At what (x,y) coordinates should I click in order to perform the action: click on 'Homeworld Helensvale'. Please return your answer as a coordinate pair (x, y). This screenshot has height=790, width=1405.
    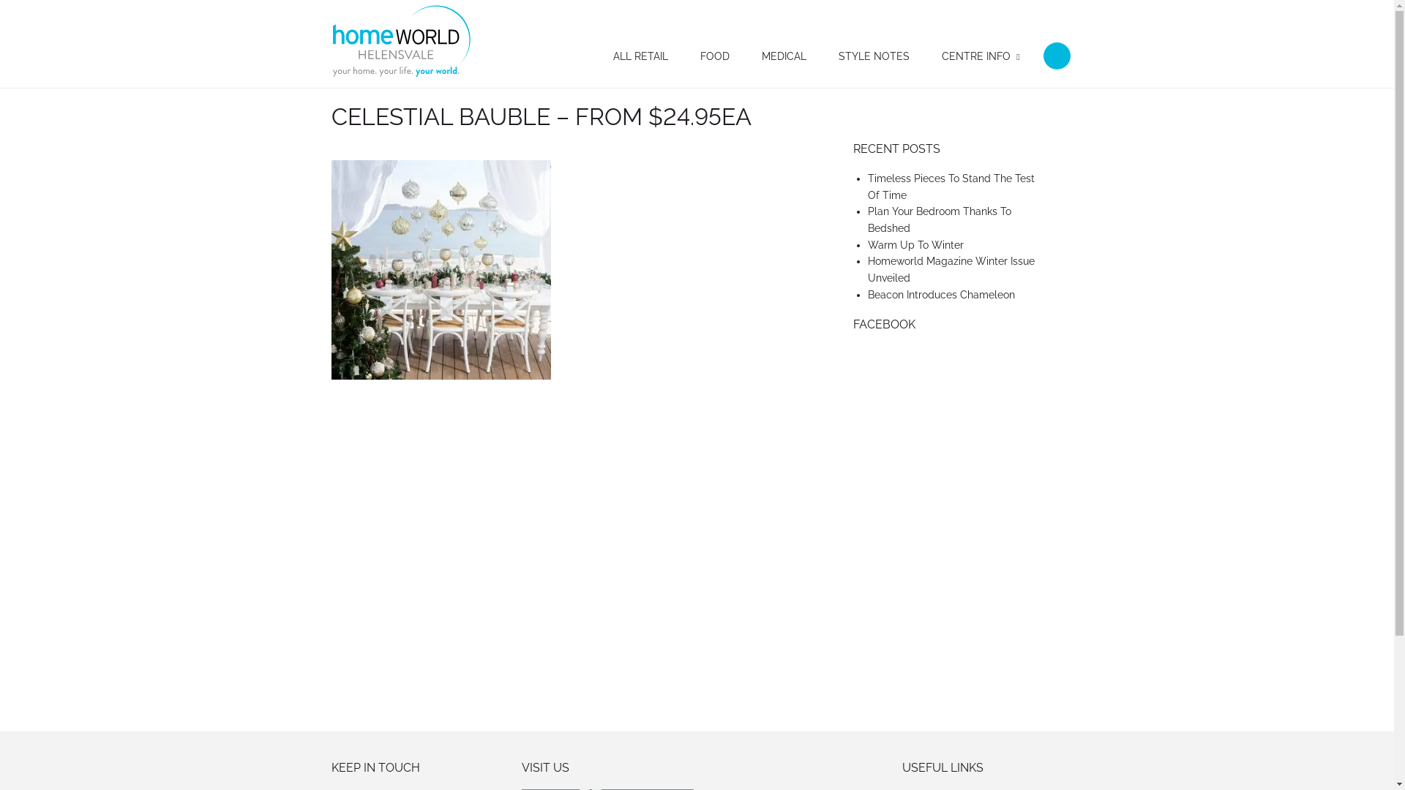
    Looking at the image, I should click on (400, 39).